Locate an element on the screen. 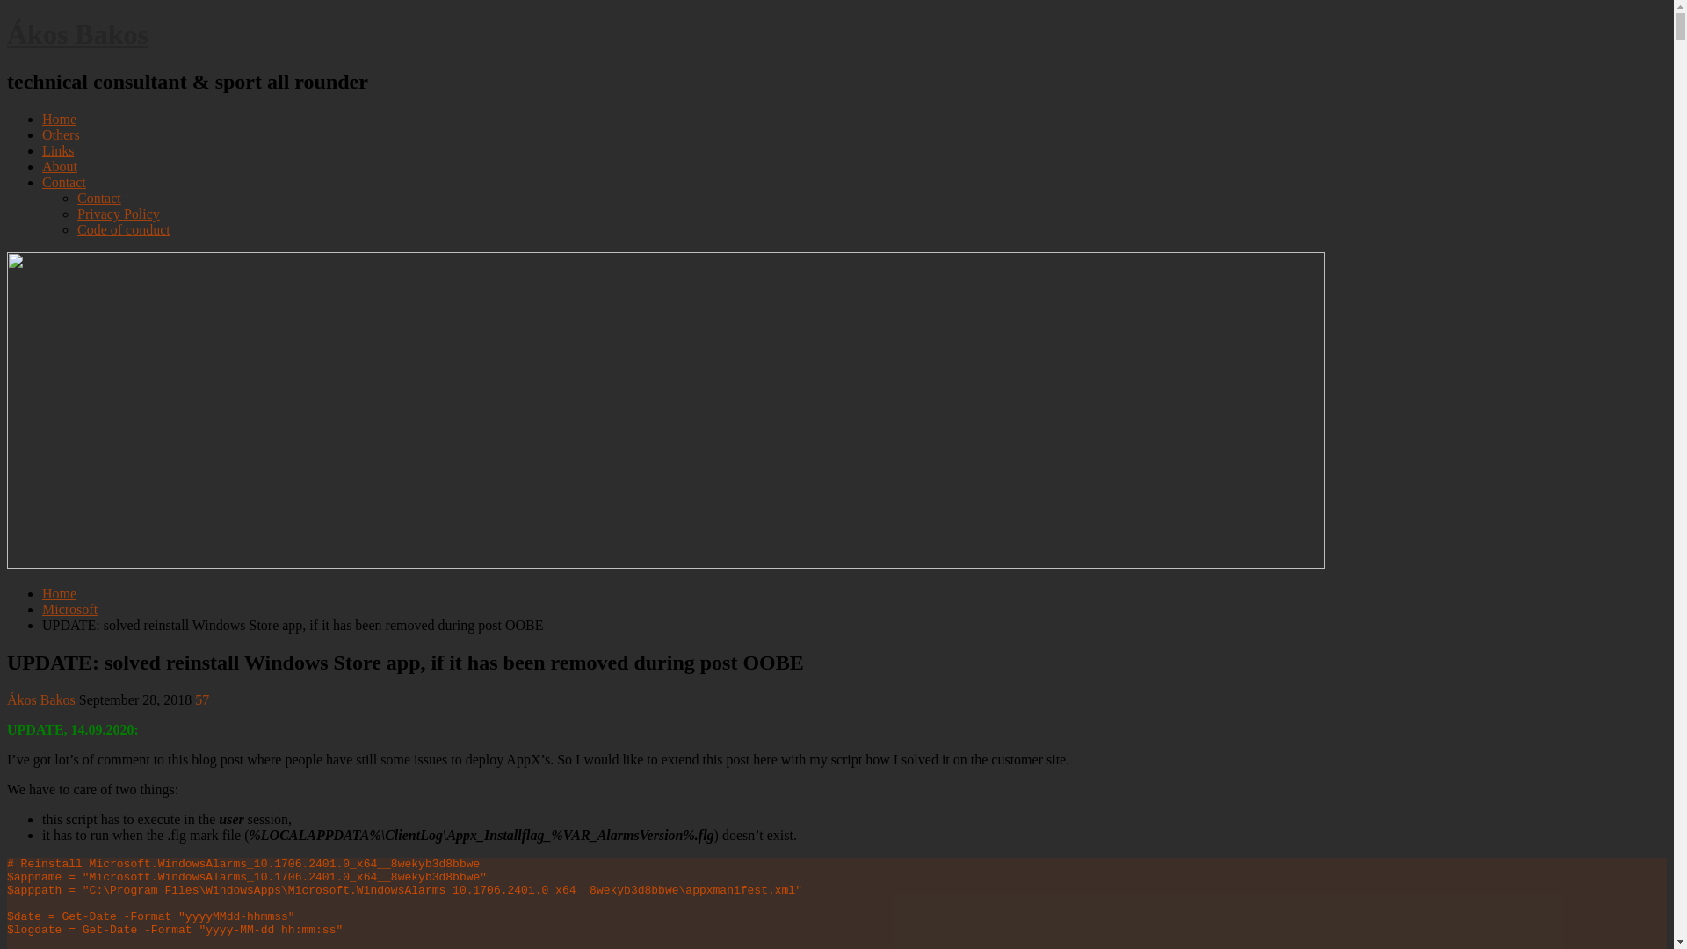 The width and height of the screenshot is (1687, 949). 'Privacy Policy' is located at coordinates (117, 213).